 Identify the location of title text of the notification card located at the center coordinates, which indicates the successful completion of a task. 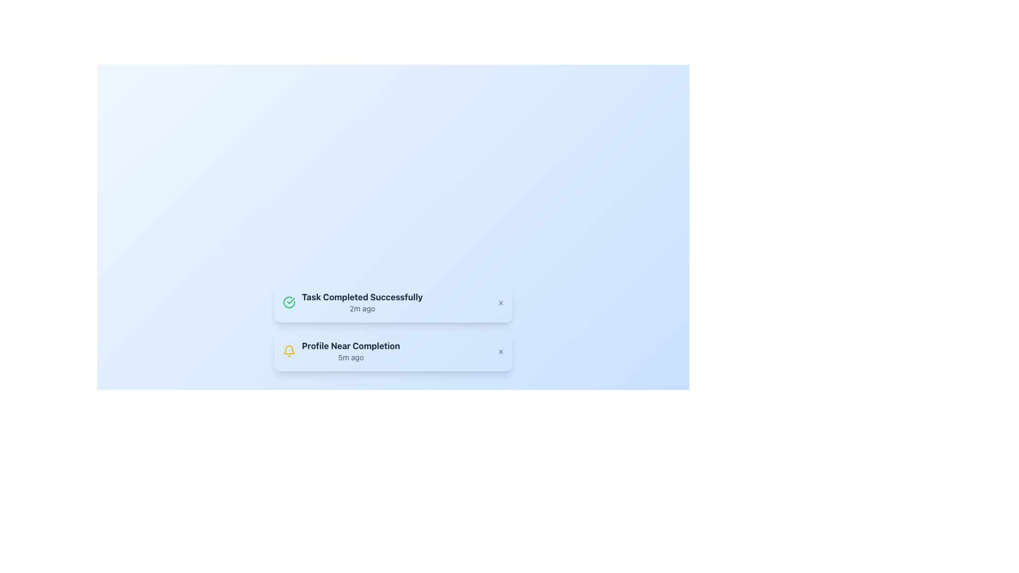
(362, 297).